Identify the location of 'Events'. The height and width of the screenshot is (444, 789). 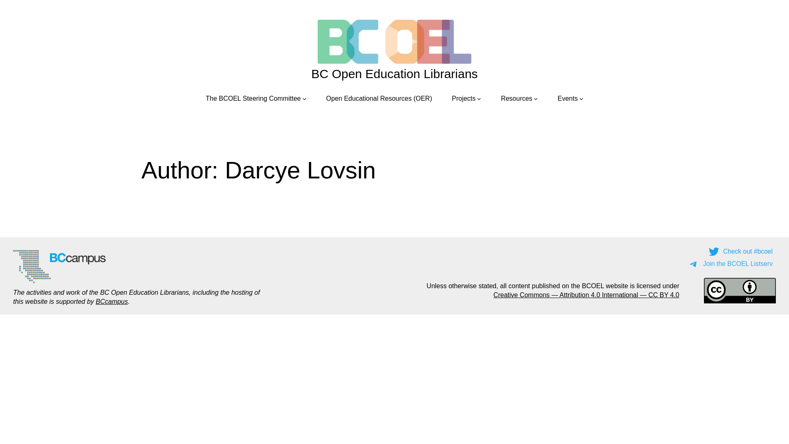
(558, 98).